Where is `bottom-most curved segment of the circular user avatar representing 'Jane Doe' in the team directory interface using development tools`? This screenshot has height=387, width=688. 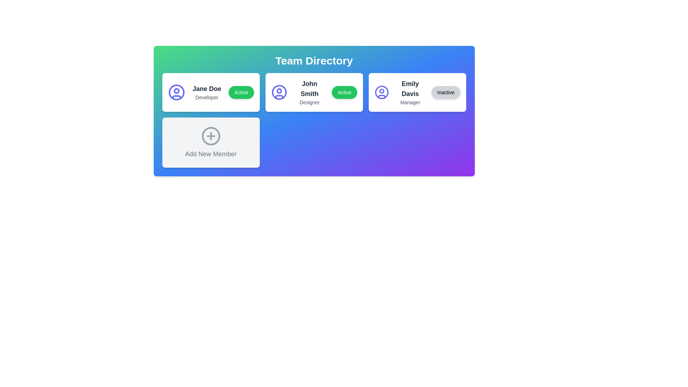
bottom-most curved segment of the circular user avatar representing 'Jane Doe' in the team directory interface using development tools is located at coordinates (176, 97).